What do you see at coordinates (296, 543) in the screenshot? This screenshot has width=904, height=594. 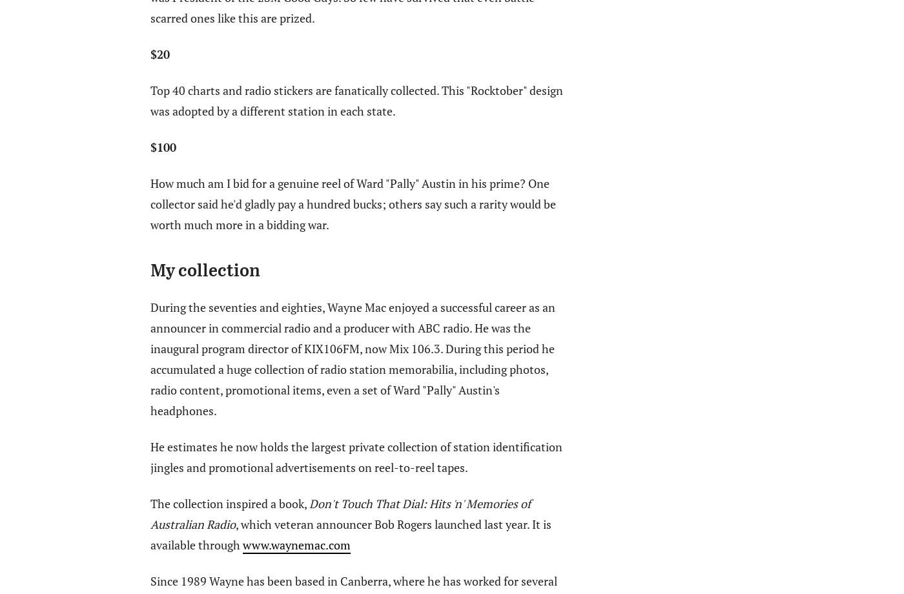 I see `'www.waynemac.com'` at bounding box center [296, 543].